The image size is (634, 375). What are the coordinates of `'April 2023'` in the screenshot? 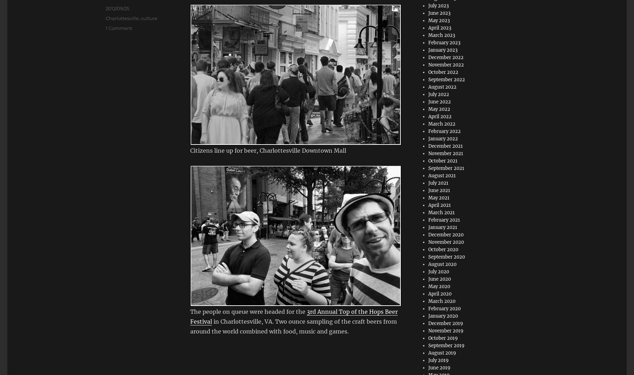 It's located at (440, 27).